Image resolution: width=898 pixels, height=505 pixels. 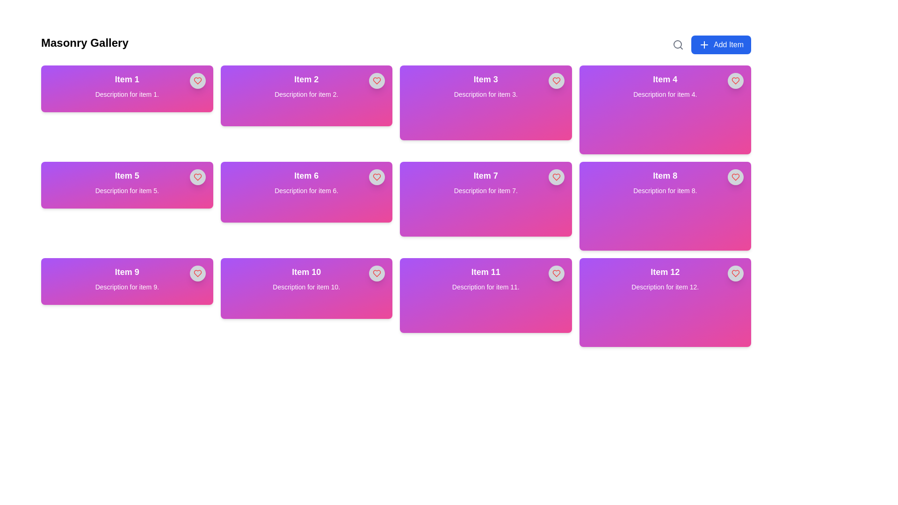 I want to click on the favorite button with an icon located at the top-right corner of the card labeled 'Item 3' to favorite the associated item, so click(x=556, y=80).